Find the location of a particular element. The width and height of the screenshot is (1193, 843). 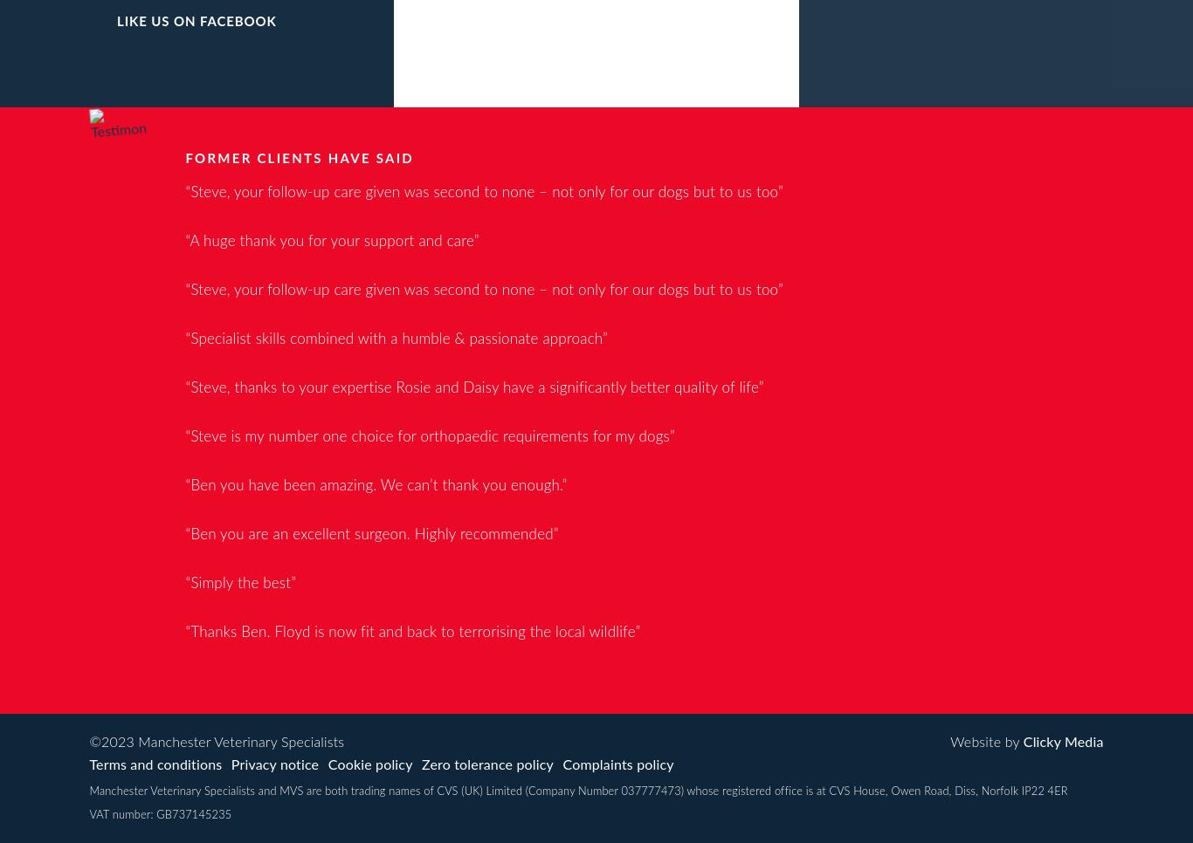

'©2023 Manchester Veterinary Specialists' is located at coordinates (217, 740).